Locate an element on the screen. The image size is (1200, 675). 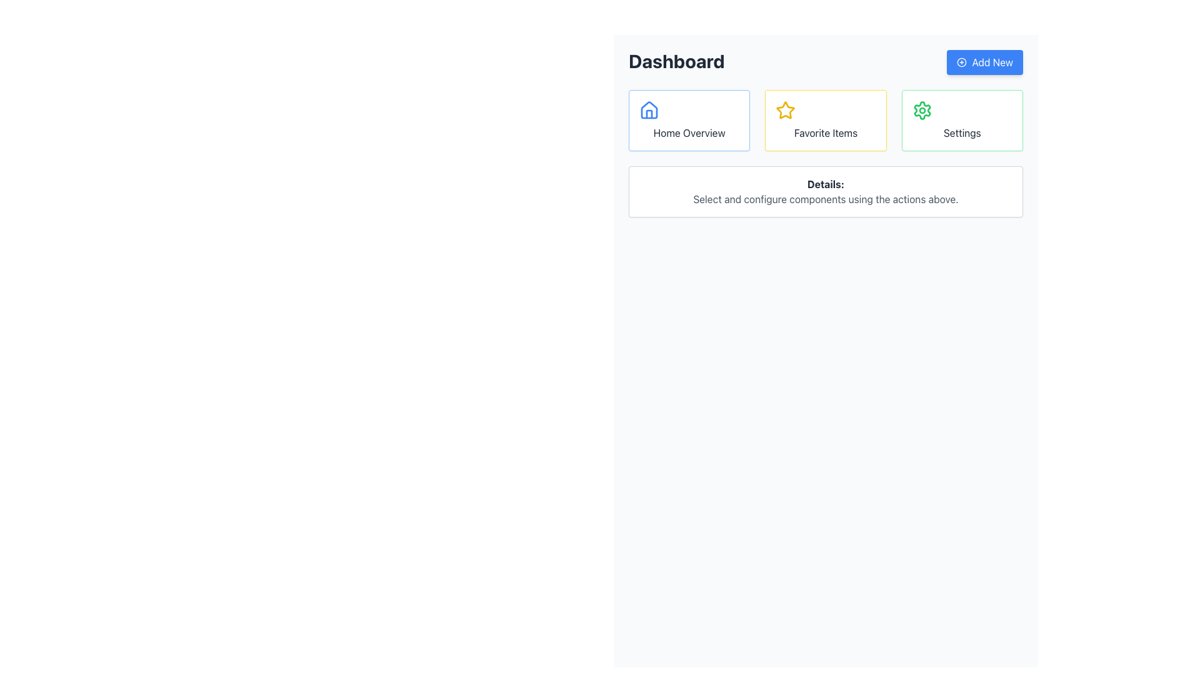
the static instructional text located directly below the bolded 'Details:' text in the central section of the interface is located at coordinates (826, 199).